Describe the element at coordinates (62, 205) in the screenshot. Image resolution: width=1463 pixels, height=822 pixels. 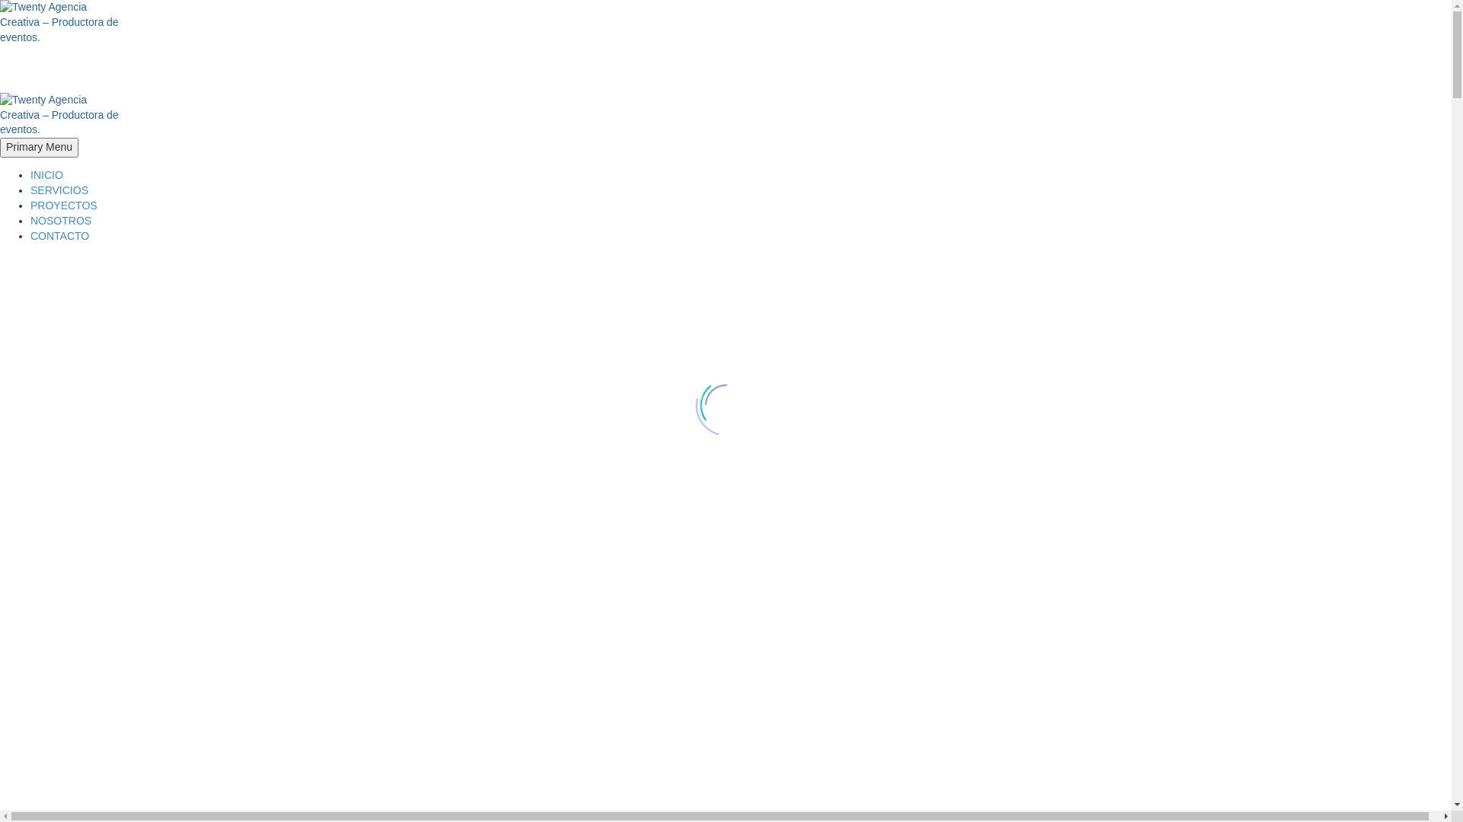
I see `'PROYECTOS'` at that location.